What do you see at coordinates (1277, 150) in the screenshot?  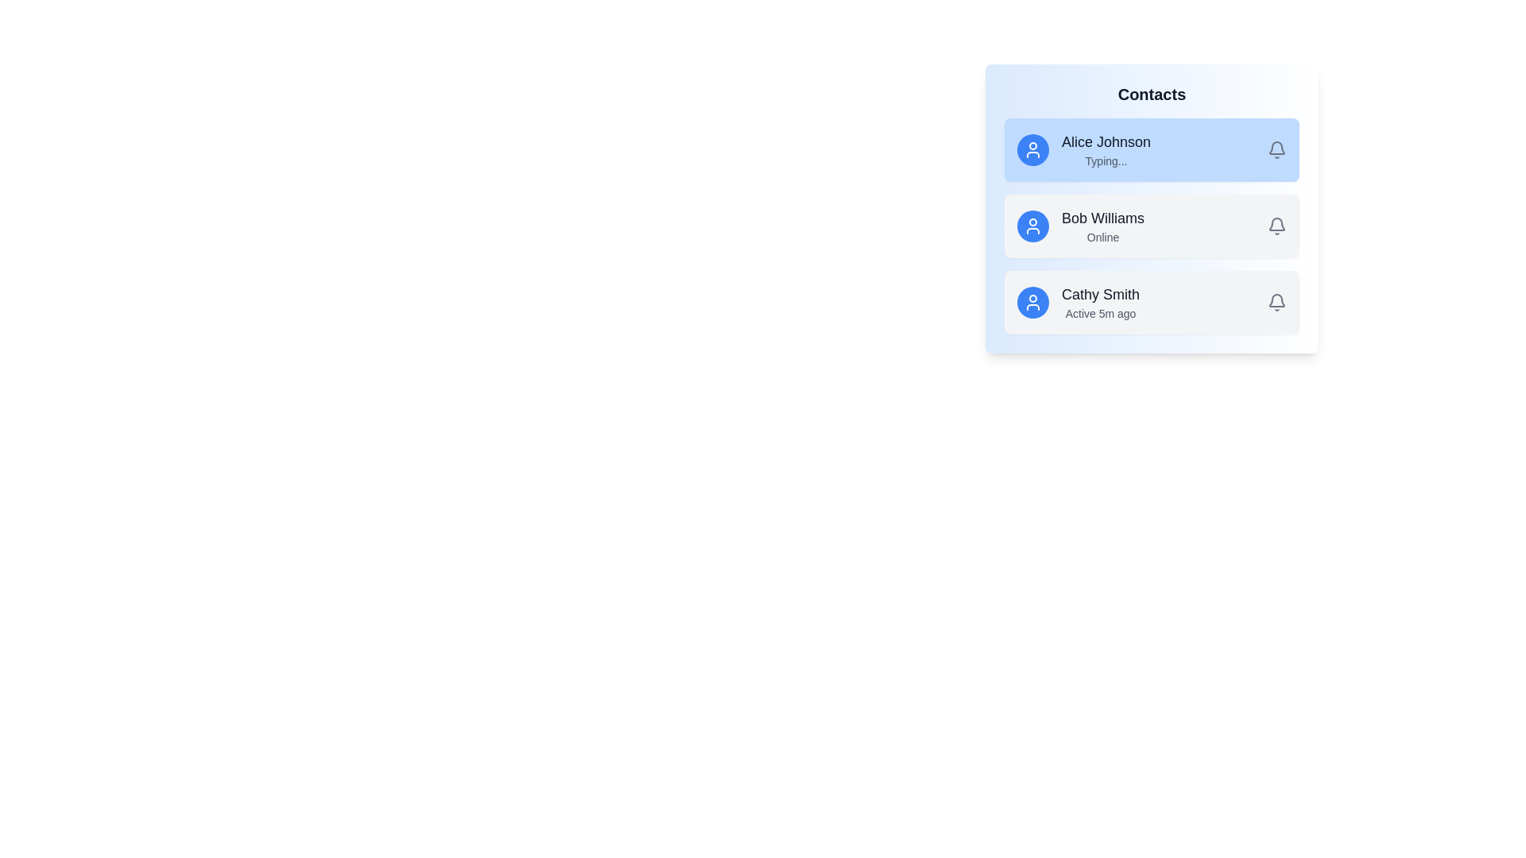 I see `the notification indicator icon located at the top-right region within the card of 'Alice Johnson' in the contact list to interact` at bounding box center [1277, 150].